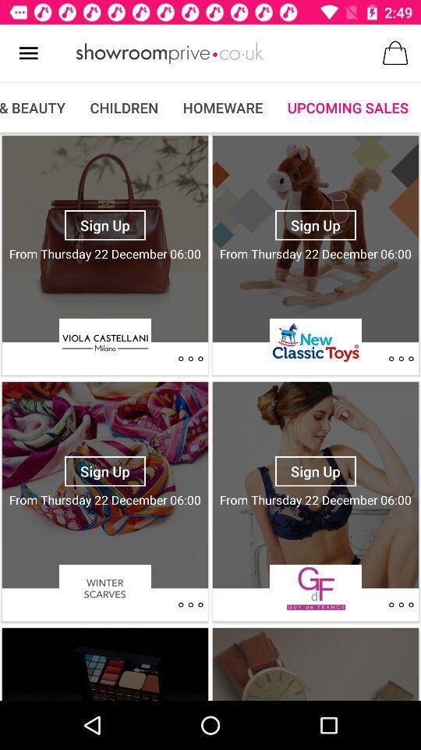 Image resolution: width=421 pixels, height=750 pixels. Describe the element at coordinates (190, 359) in the screenshot. I see `overflow menu` at that location.